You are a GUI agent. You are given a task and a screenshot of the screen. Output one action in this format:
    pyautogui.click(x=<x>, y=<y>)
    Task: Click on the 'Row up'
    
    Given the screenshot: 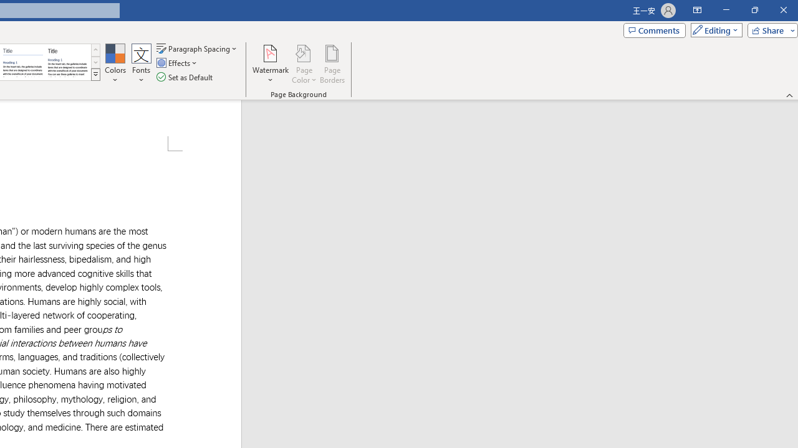 What is the action you would take?
    pyautogui.click(x=95, y=49)
    